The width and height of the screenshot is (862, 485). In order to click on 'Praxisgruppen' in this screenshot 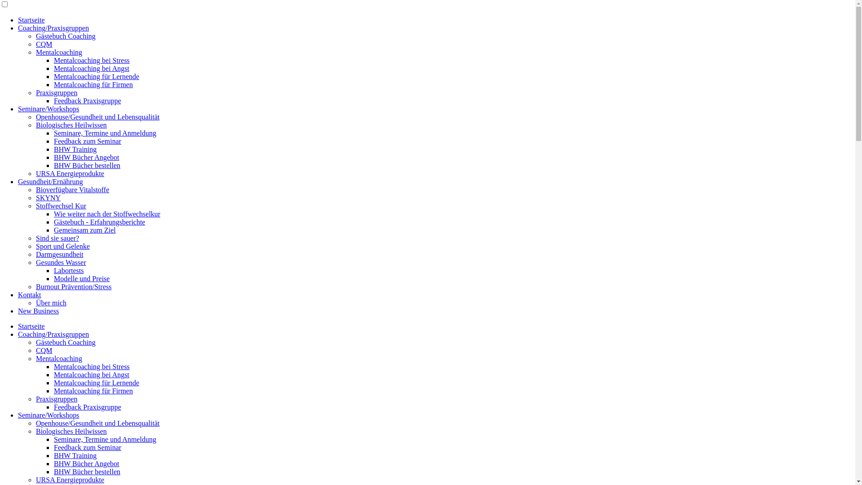, I will do `click(36, 93)`.